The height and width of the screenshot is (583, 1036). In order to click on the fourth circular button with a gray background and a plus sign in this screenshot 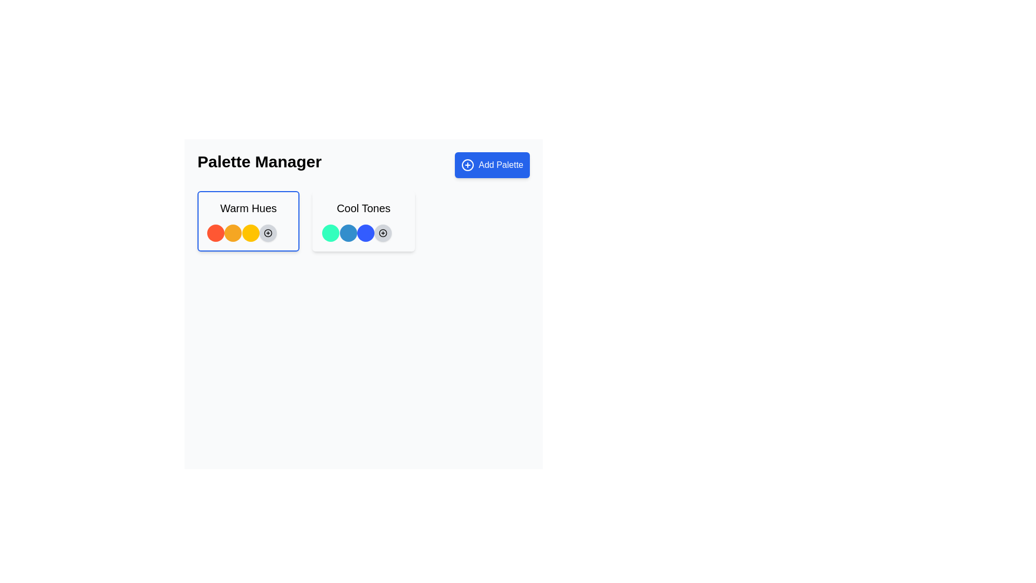, I will do `click(383, 233)`.